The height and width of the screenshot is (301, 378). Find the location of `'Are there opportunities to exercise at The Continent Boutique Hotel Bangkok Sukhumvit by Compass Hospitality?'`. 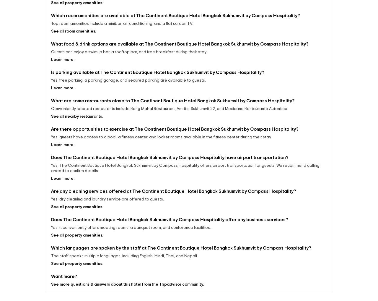

'Are there opportunities to exercise at The Continent Boutique Hotel Bangkok Sukhumvit by Compass Hospitality?' is located at coordinates (174, 150).